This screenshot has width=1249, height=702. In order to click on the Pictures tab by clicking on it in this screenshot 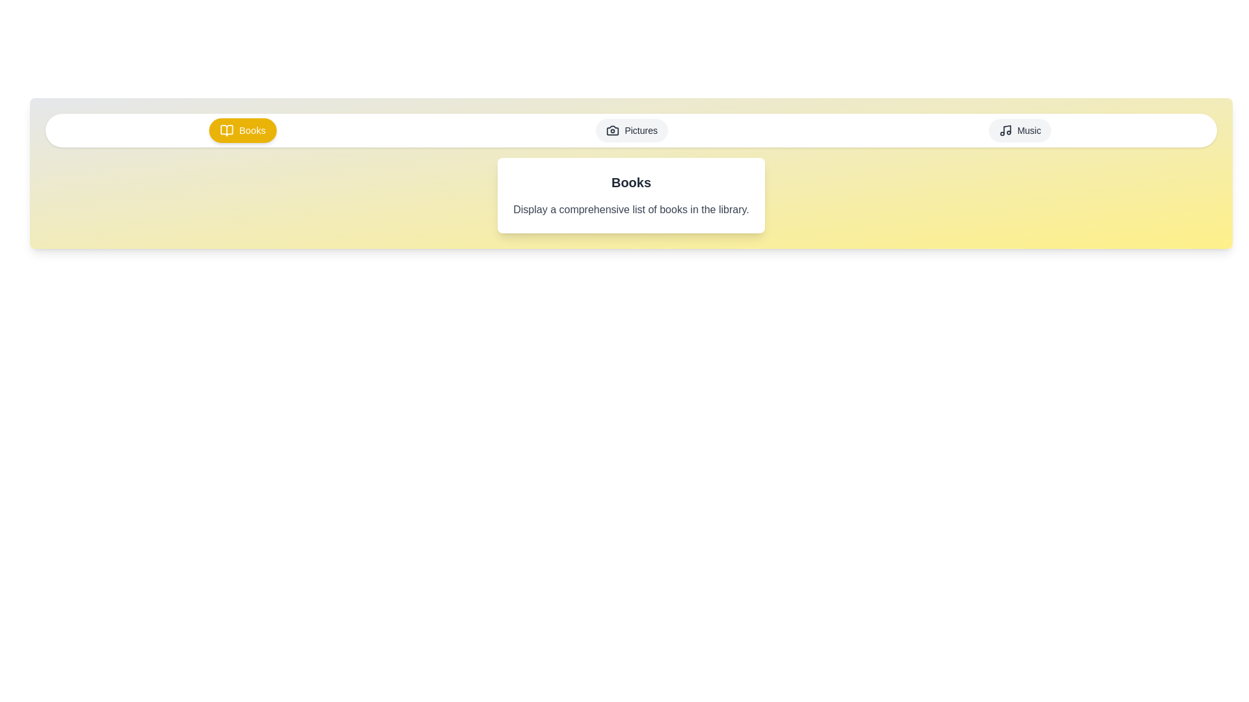, I will do `click(632, 130)`.